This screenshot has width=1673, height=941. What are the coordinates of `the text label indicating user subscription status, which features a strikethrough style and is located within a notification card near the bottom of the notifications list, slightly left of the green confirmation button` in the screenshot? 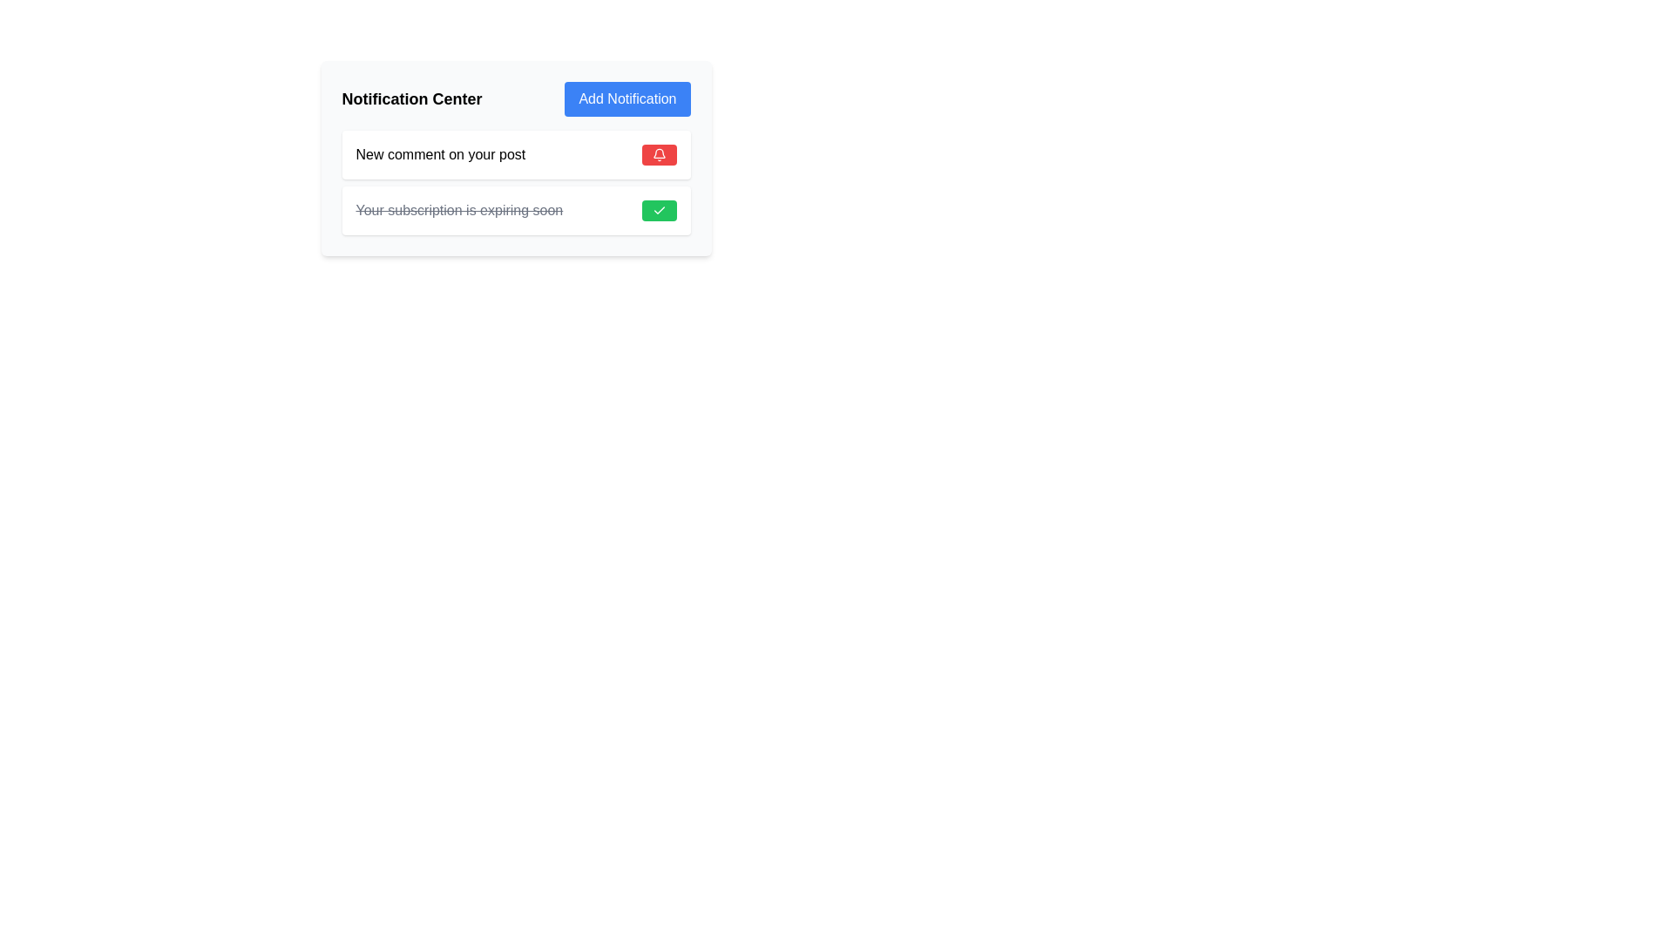 It's located at (459, 210).